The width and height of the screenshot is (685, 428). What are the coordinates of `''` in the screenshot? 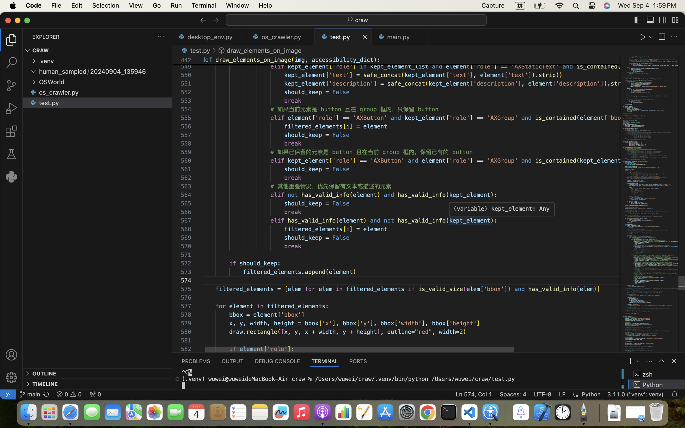 It's located at (11, 354).